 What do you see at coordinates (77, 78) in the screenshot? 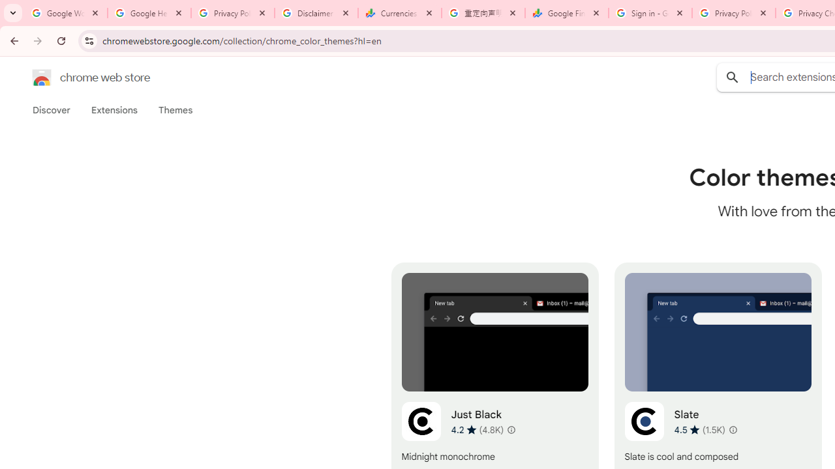
I see `'Chrome Web Store logo chrome web store'` at bounding box center [77, 78].